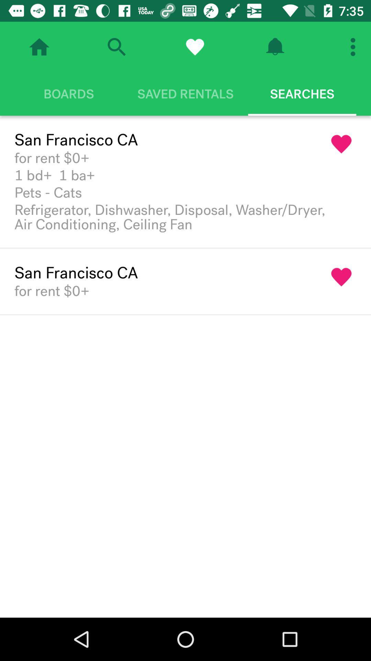  Describe the element at coordinates (116, 46) in the screenshot. I see `open search entry` at that location.